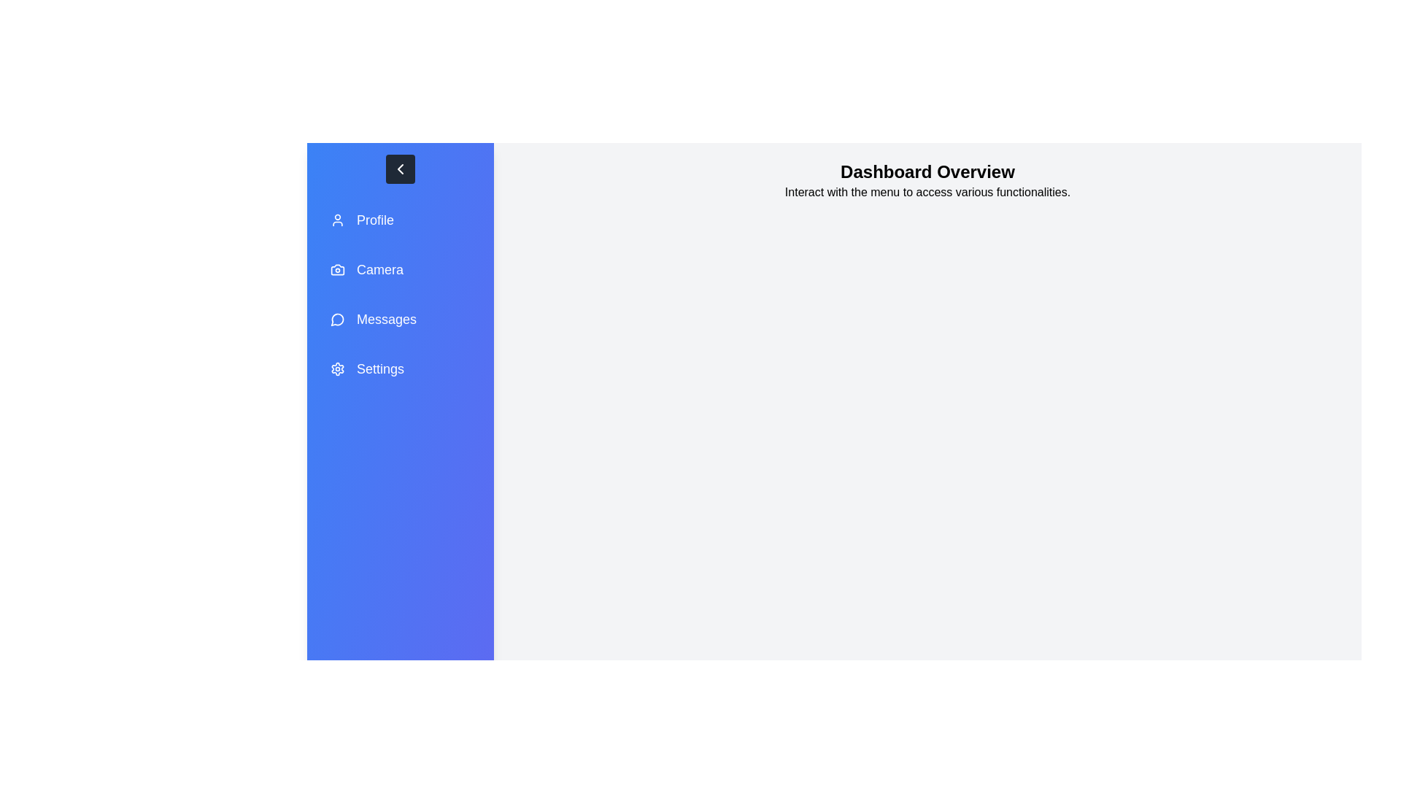  I want to click on the menu item labeled Camera to navigate to the respective section, so click(400, 270).